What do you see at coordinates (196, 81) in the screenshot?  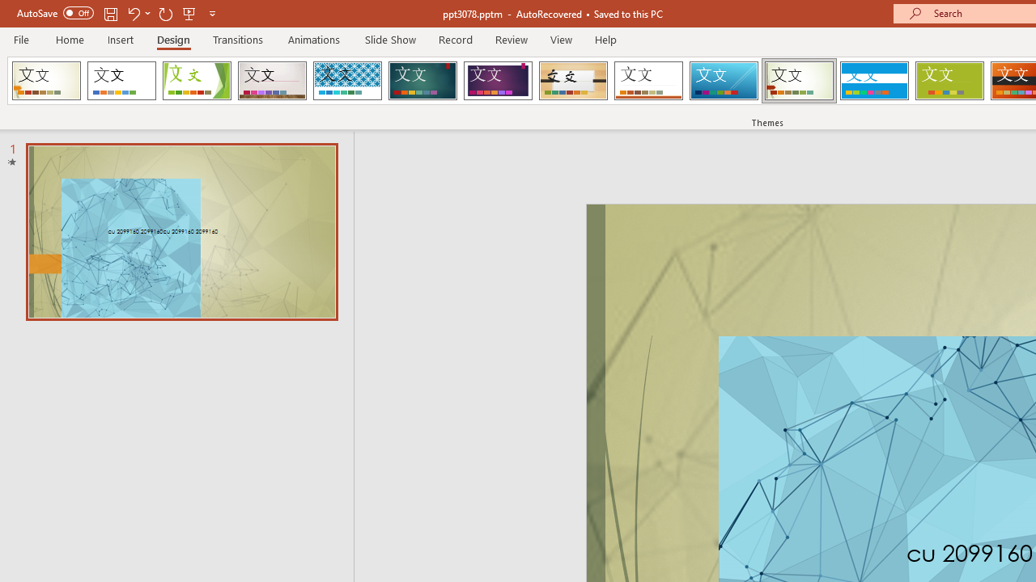 I see `'Facet'` at bounding box center [196, 81].